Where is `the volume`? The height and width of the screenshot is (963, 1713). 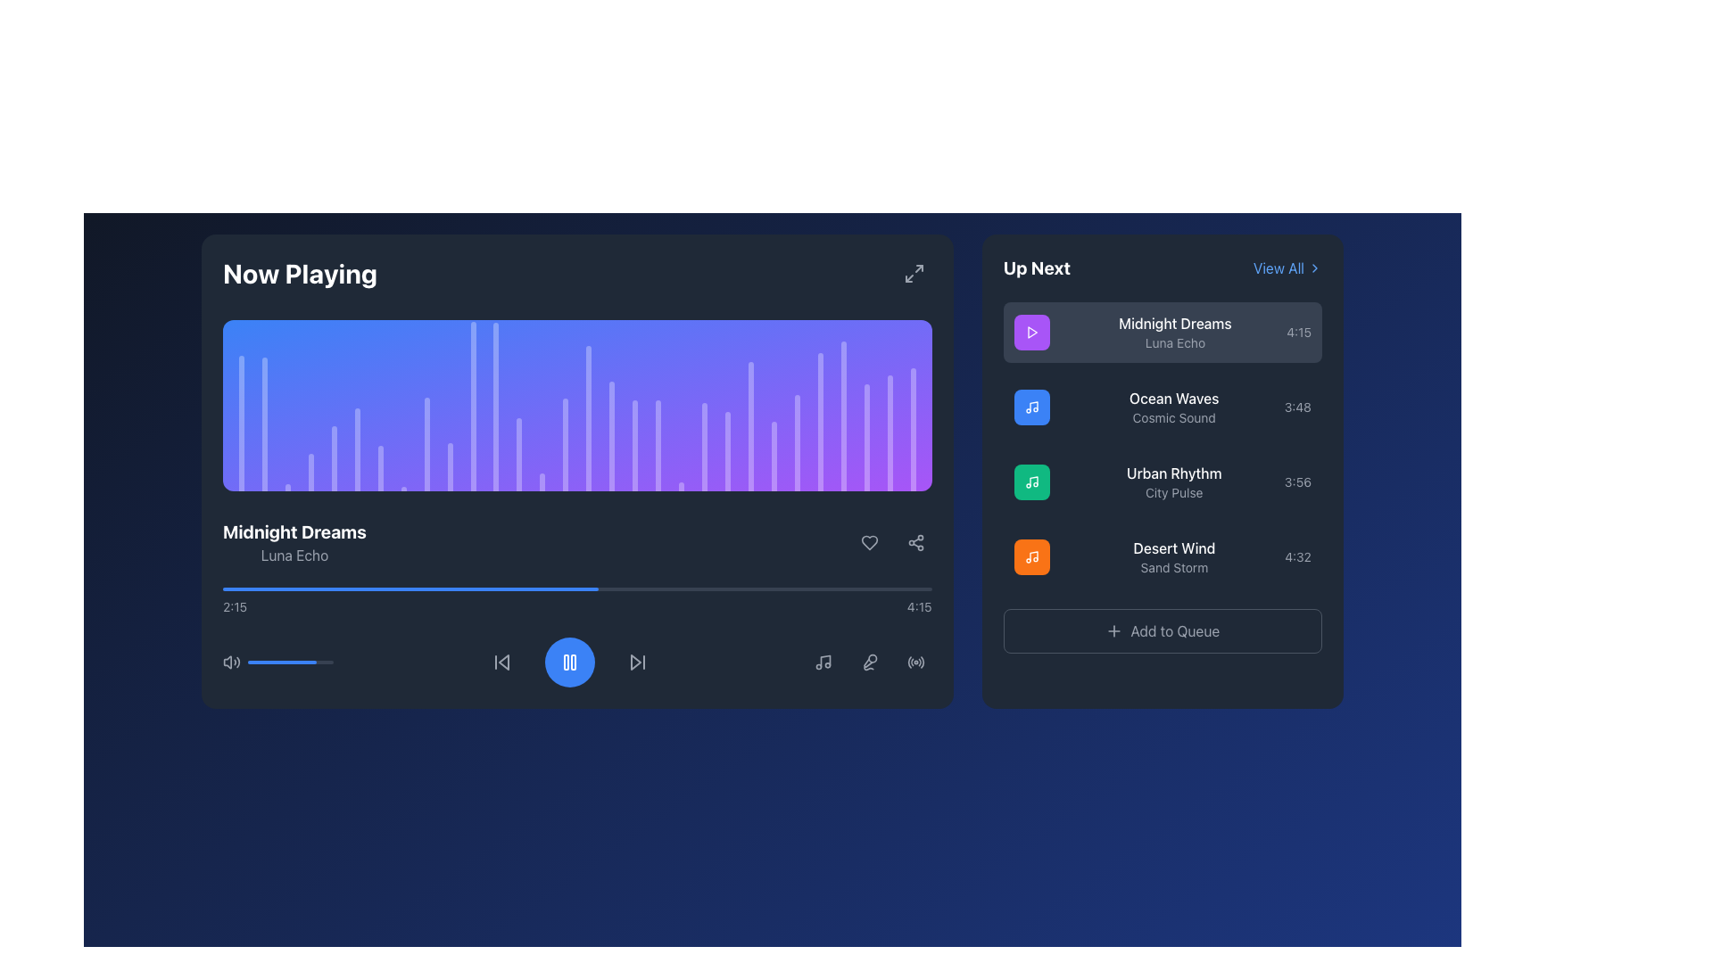 the volume is located at coordinates (275, 663).